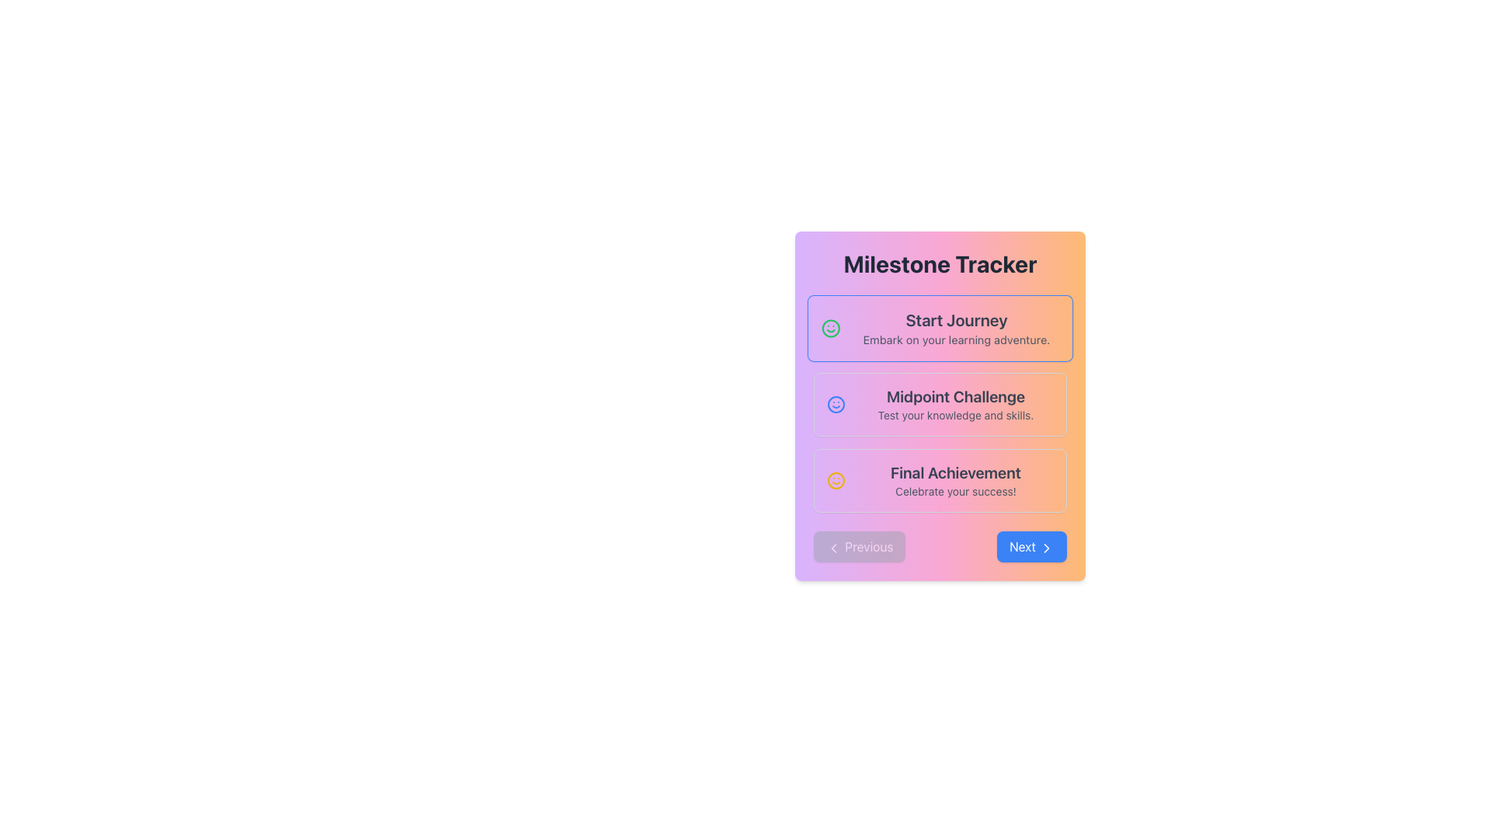 This screenshot has height=839, width=1491. Describe the element at coordinates (830, 328) in the screenshot. I see `the smiling face icon within the 'Start Journey' box at the top of the milestone tracker, which features a green circle and a happy expression` at that location.